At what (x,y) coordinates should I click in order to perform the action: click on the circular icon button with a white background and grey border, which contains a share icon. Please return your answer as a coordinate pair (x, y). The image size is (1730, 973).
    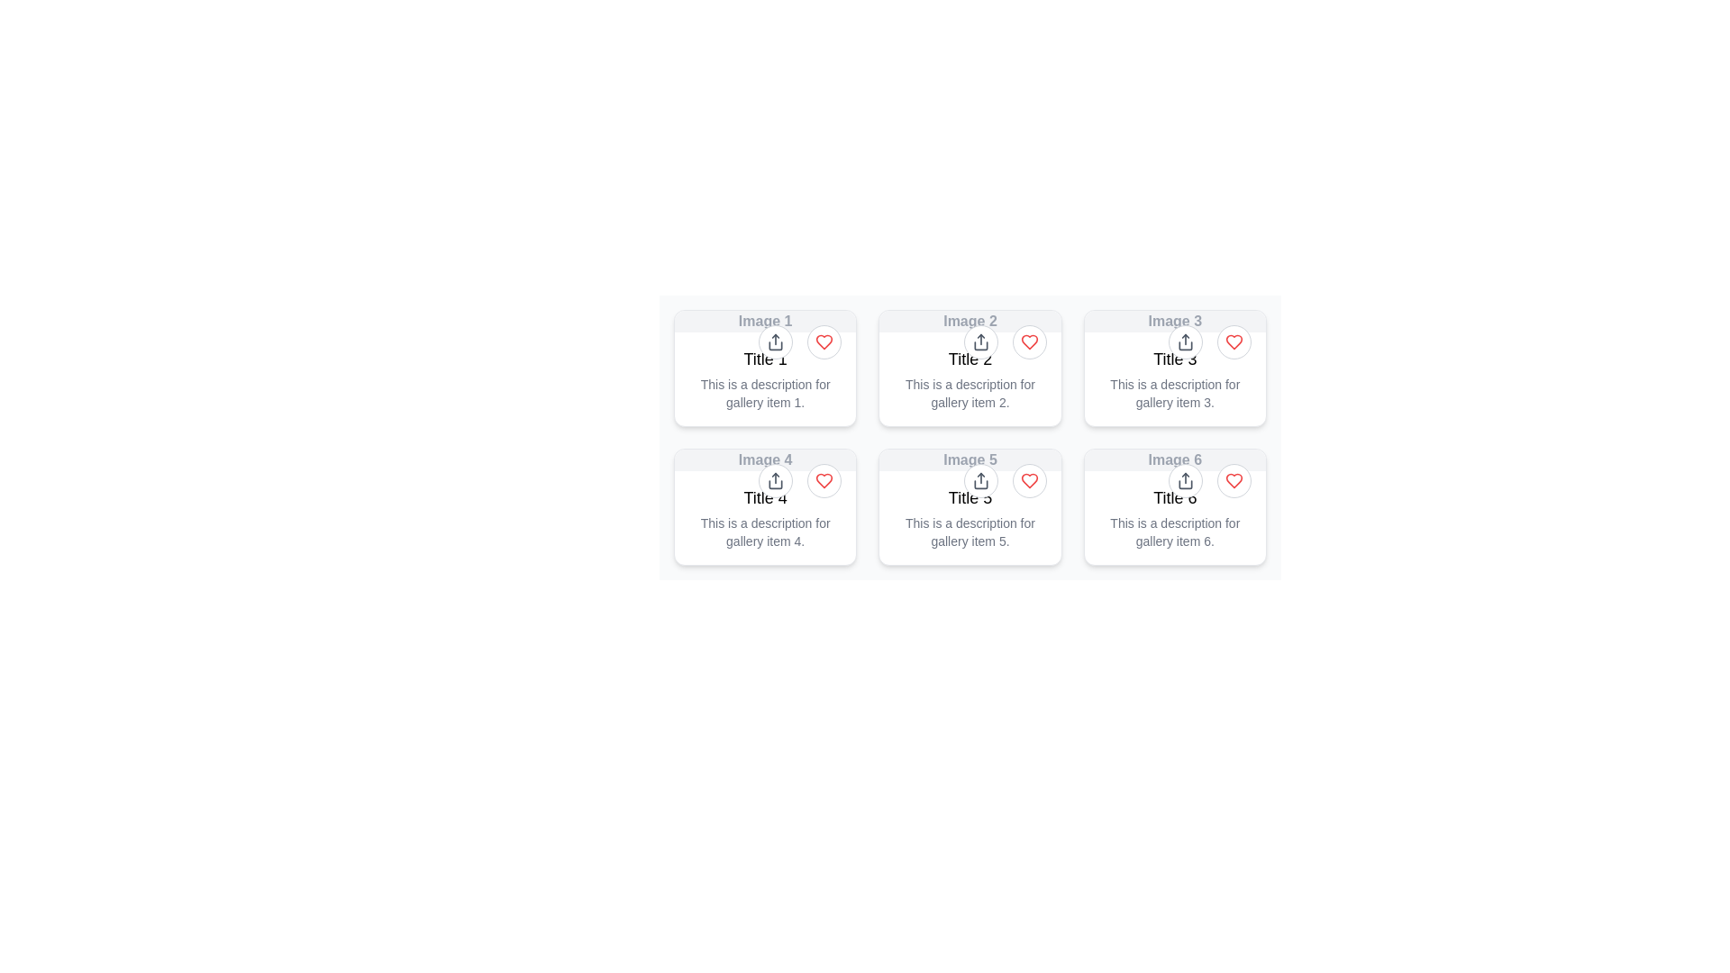
    Looking at the image, I should click on (776, 342).